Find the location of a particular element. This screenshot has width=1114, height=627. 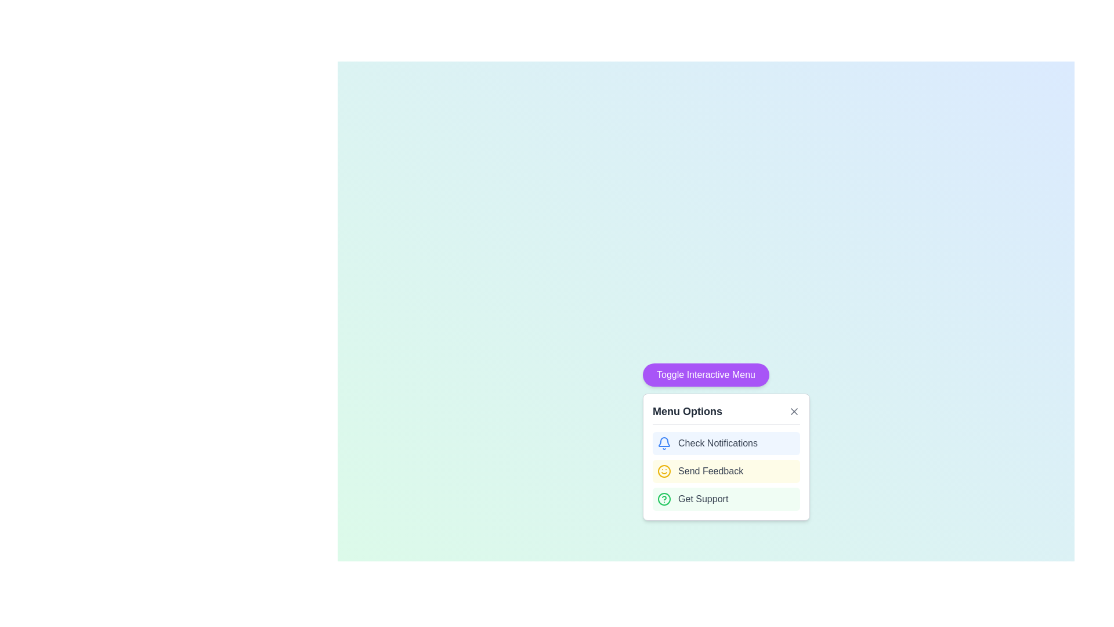

the customer support button located in the 'Menu Options' section is located at coordinates (726, 499).